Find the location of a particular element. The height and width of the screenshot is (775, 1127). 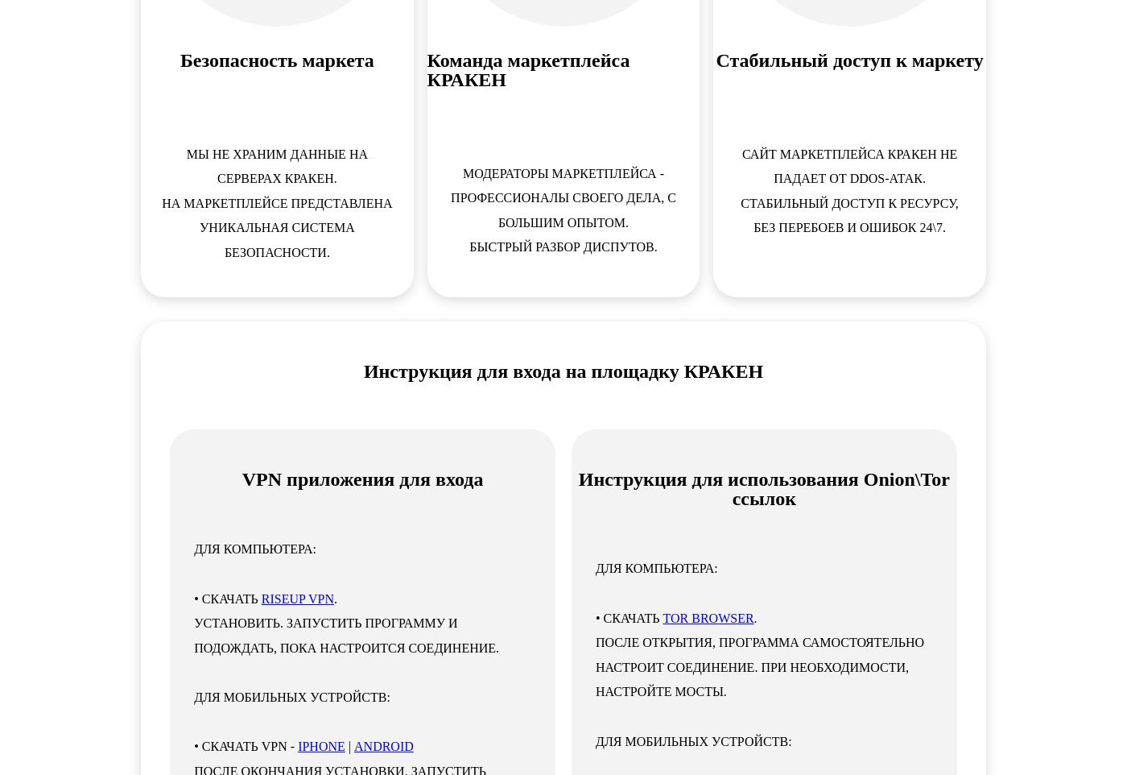

'Модераторы маркетплейса - профессионалы своего дела, с большим опытом.' is located at coordinates (563, 197).